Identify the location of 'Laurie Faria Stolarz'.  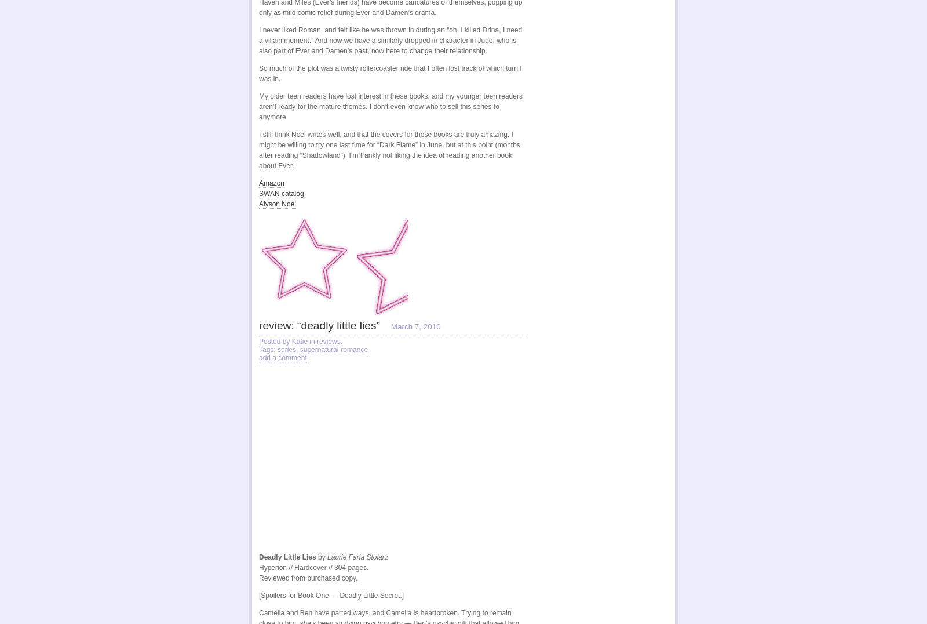
(357, 557).